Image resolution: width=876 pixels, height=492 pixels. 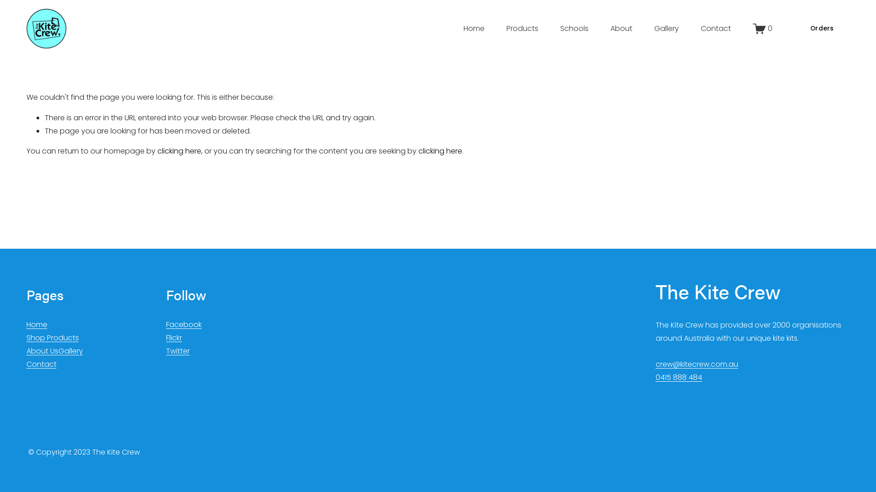 I want to click on '0', so click(x=762, y=28).